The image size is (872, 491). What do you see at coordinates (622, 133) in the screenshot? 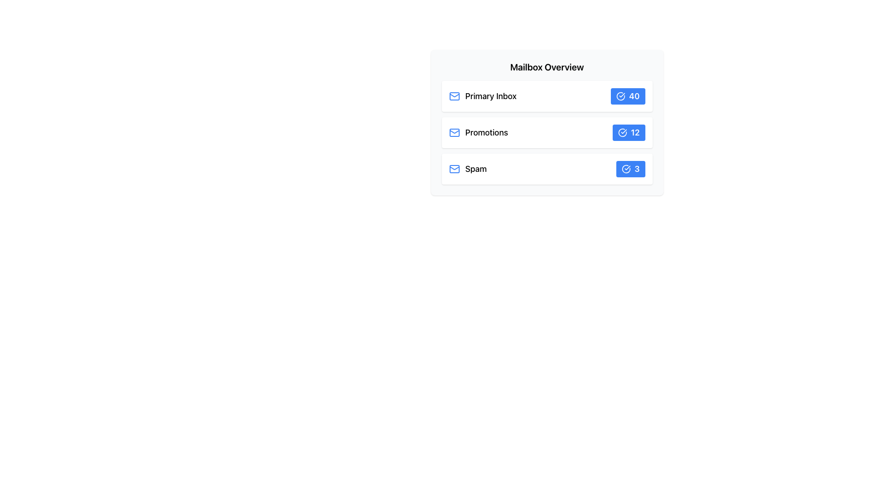
I see `the status icon located in the blue circular area to the right of the 'Promotions' category text in the second row of the list` at bounding box center [622, 133].